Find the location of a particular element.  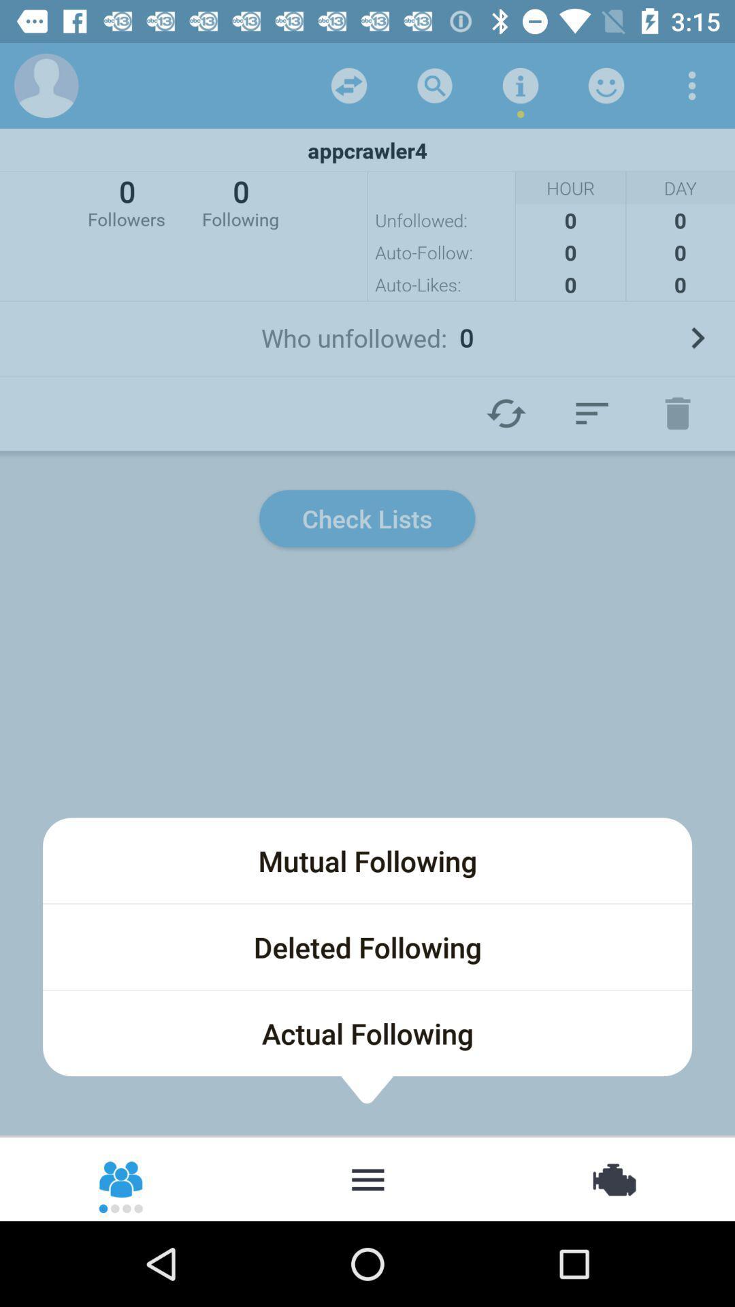

followers list is located at coordinates (121, 1178).